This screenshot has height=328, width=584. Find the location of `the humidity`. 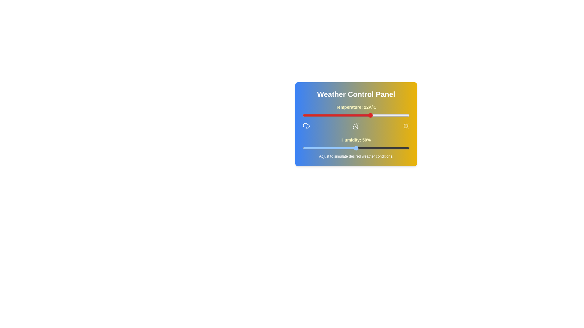

the humidity is located at coordinates (373, 148).